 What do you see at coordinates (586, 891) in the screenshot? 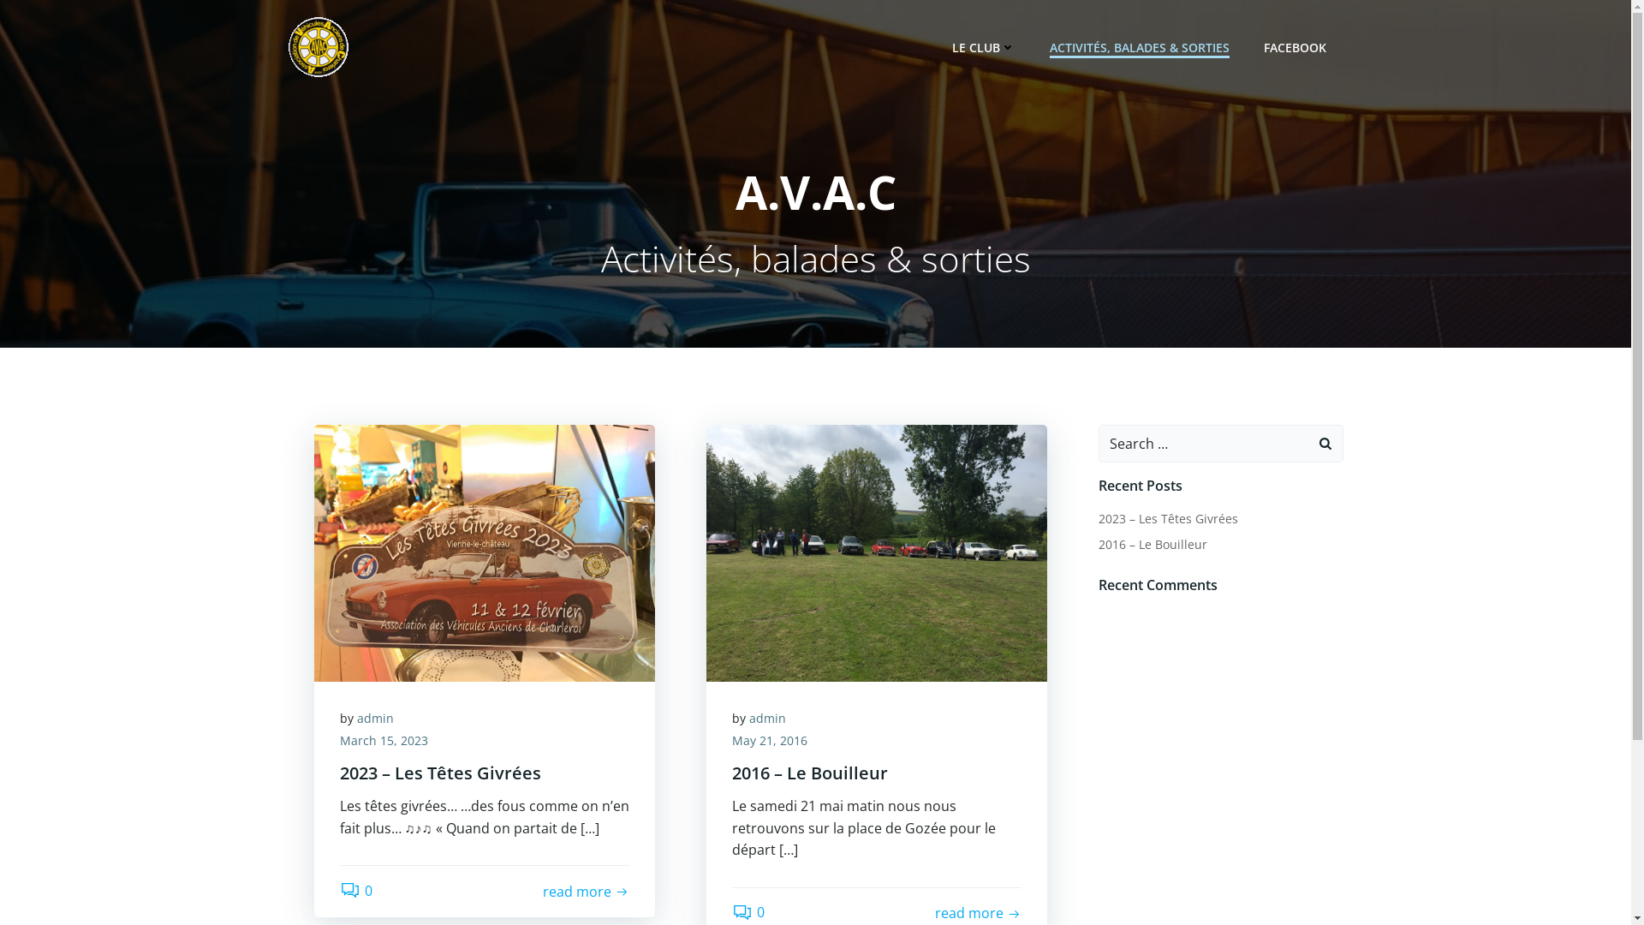
I see `'read more'` at bounding box center [586, 891].